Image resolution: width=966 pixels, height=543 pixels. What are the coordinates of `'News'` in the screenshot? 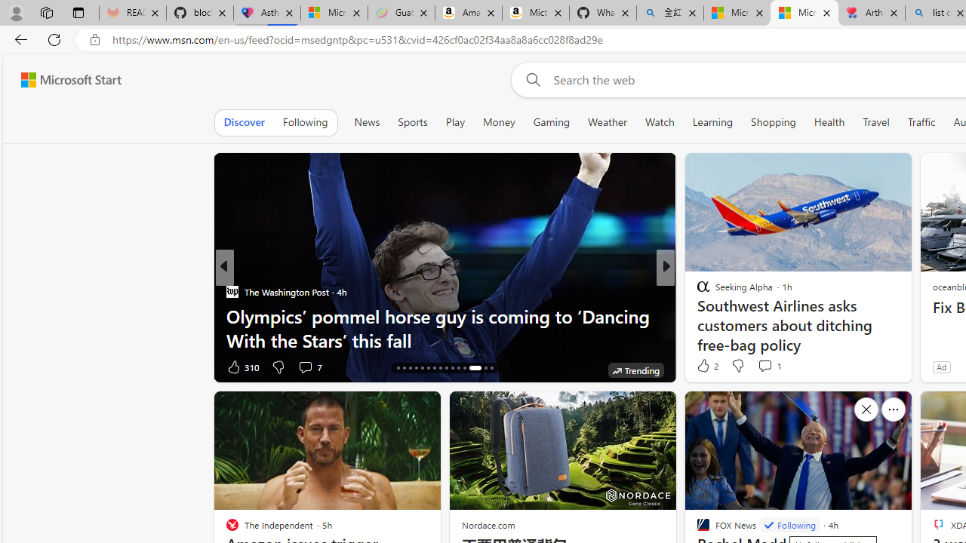 It's located at (367, 121).